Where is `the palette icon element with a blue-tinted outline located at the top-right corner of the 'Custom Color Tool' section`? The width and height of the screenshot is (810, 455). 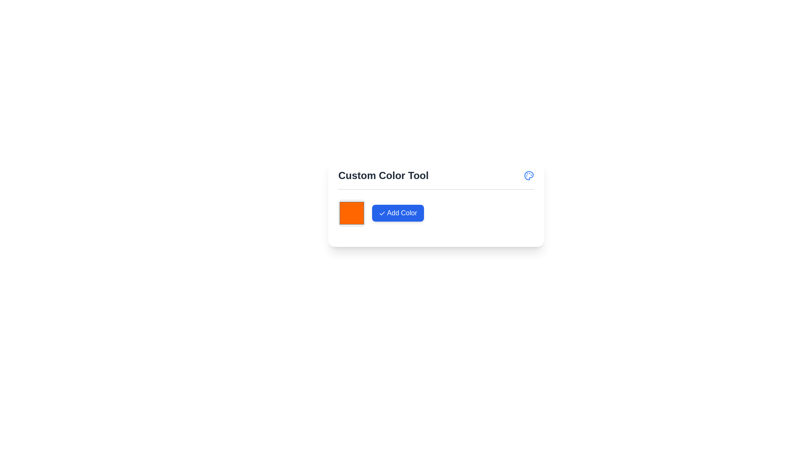 the palette icon element with a blue-tinted outline located at the top-right corner of the 'Custom Color Tool' section is located at coordinates (528, 175).